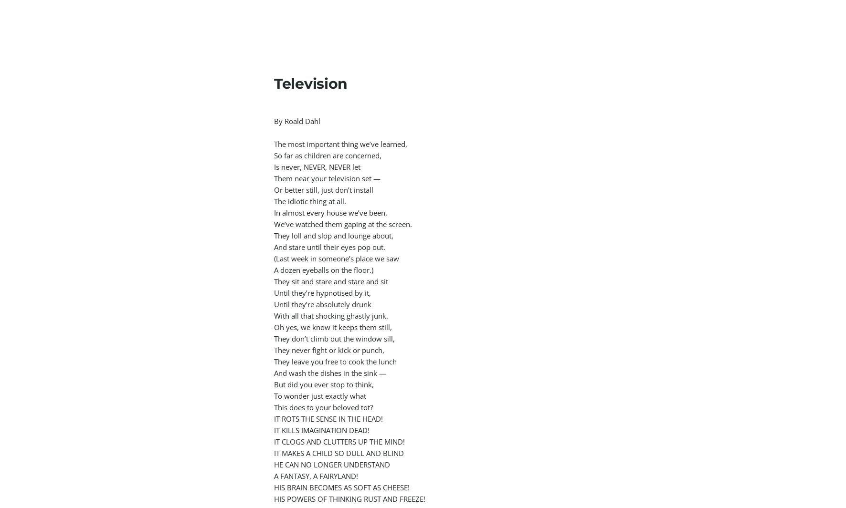 Image resolution: width=846 pixels, height=508 pixels. Describe the element at coordinates (323, 304) in the screenshot. I see `'Until they’re absolutely drunk'` at that location.